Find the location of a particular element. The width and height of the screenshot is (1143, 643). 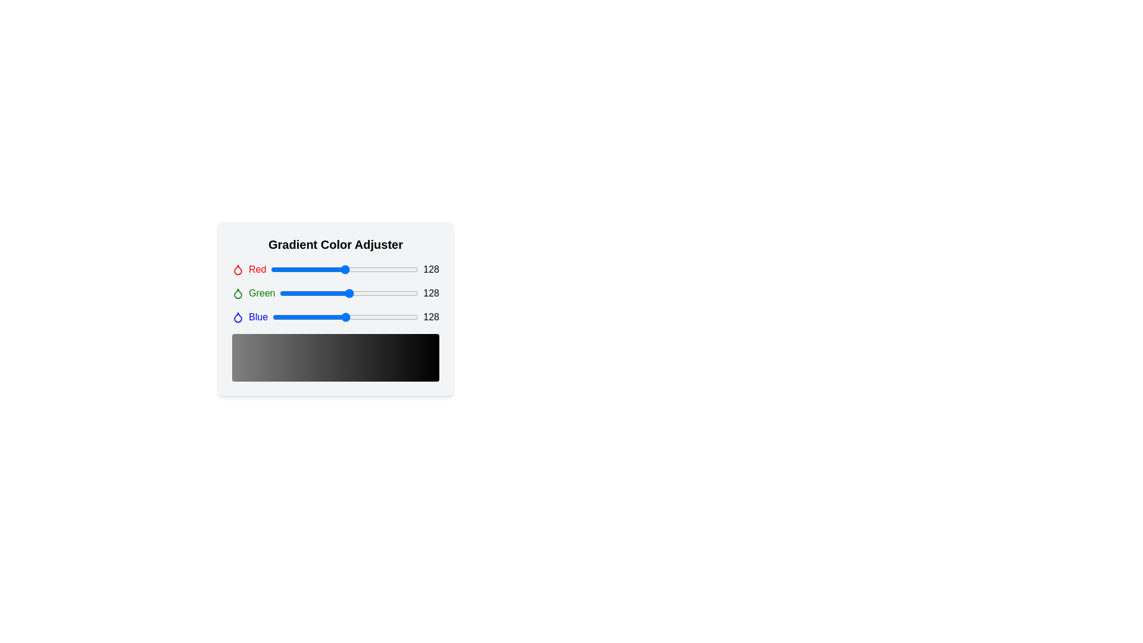

the blue color slider to 9 is located at coordinates (277, 316).